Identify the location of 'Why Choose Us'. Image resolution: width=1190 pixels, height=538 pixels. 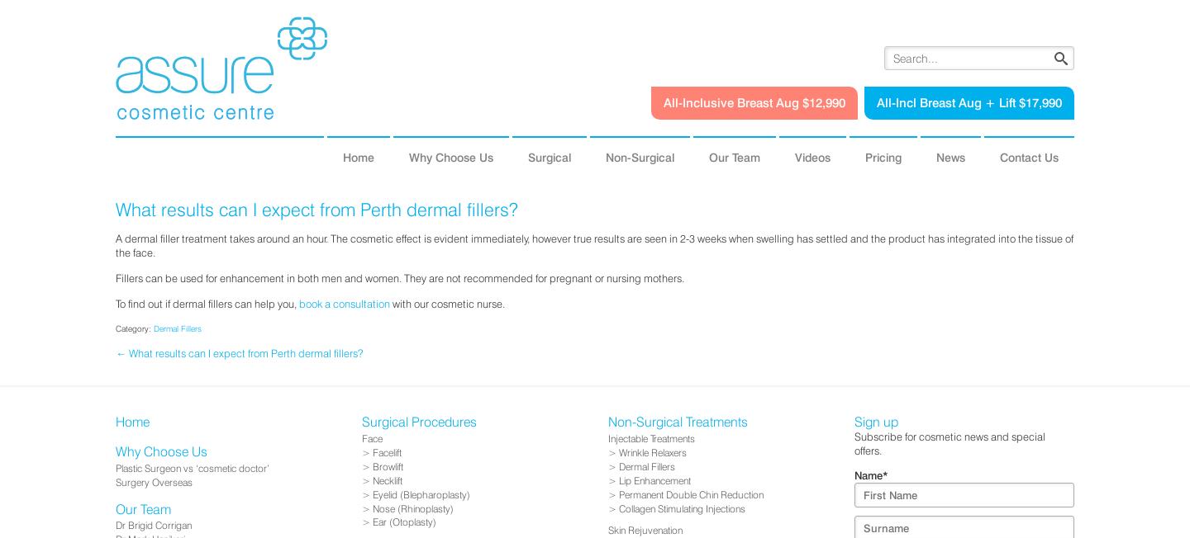
(451, 156).